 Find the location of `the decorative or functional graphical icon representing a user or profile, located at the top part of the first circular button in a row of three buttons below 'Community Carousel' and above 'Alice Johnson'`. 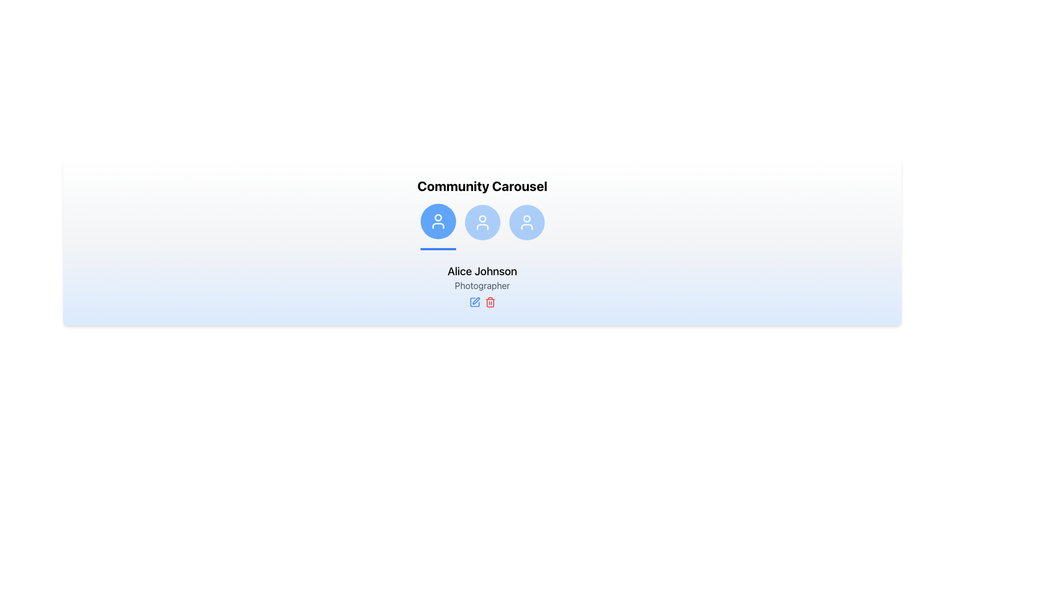

the decorative or functional graphical icon representing a user or profile, located at the top part of the first circular button in a row of three buttons below 'Community Carousel' and above 'Alice Johnson' is located at coordinates (437, 218).